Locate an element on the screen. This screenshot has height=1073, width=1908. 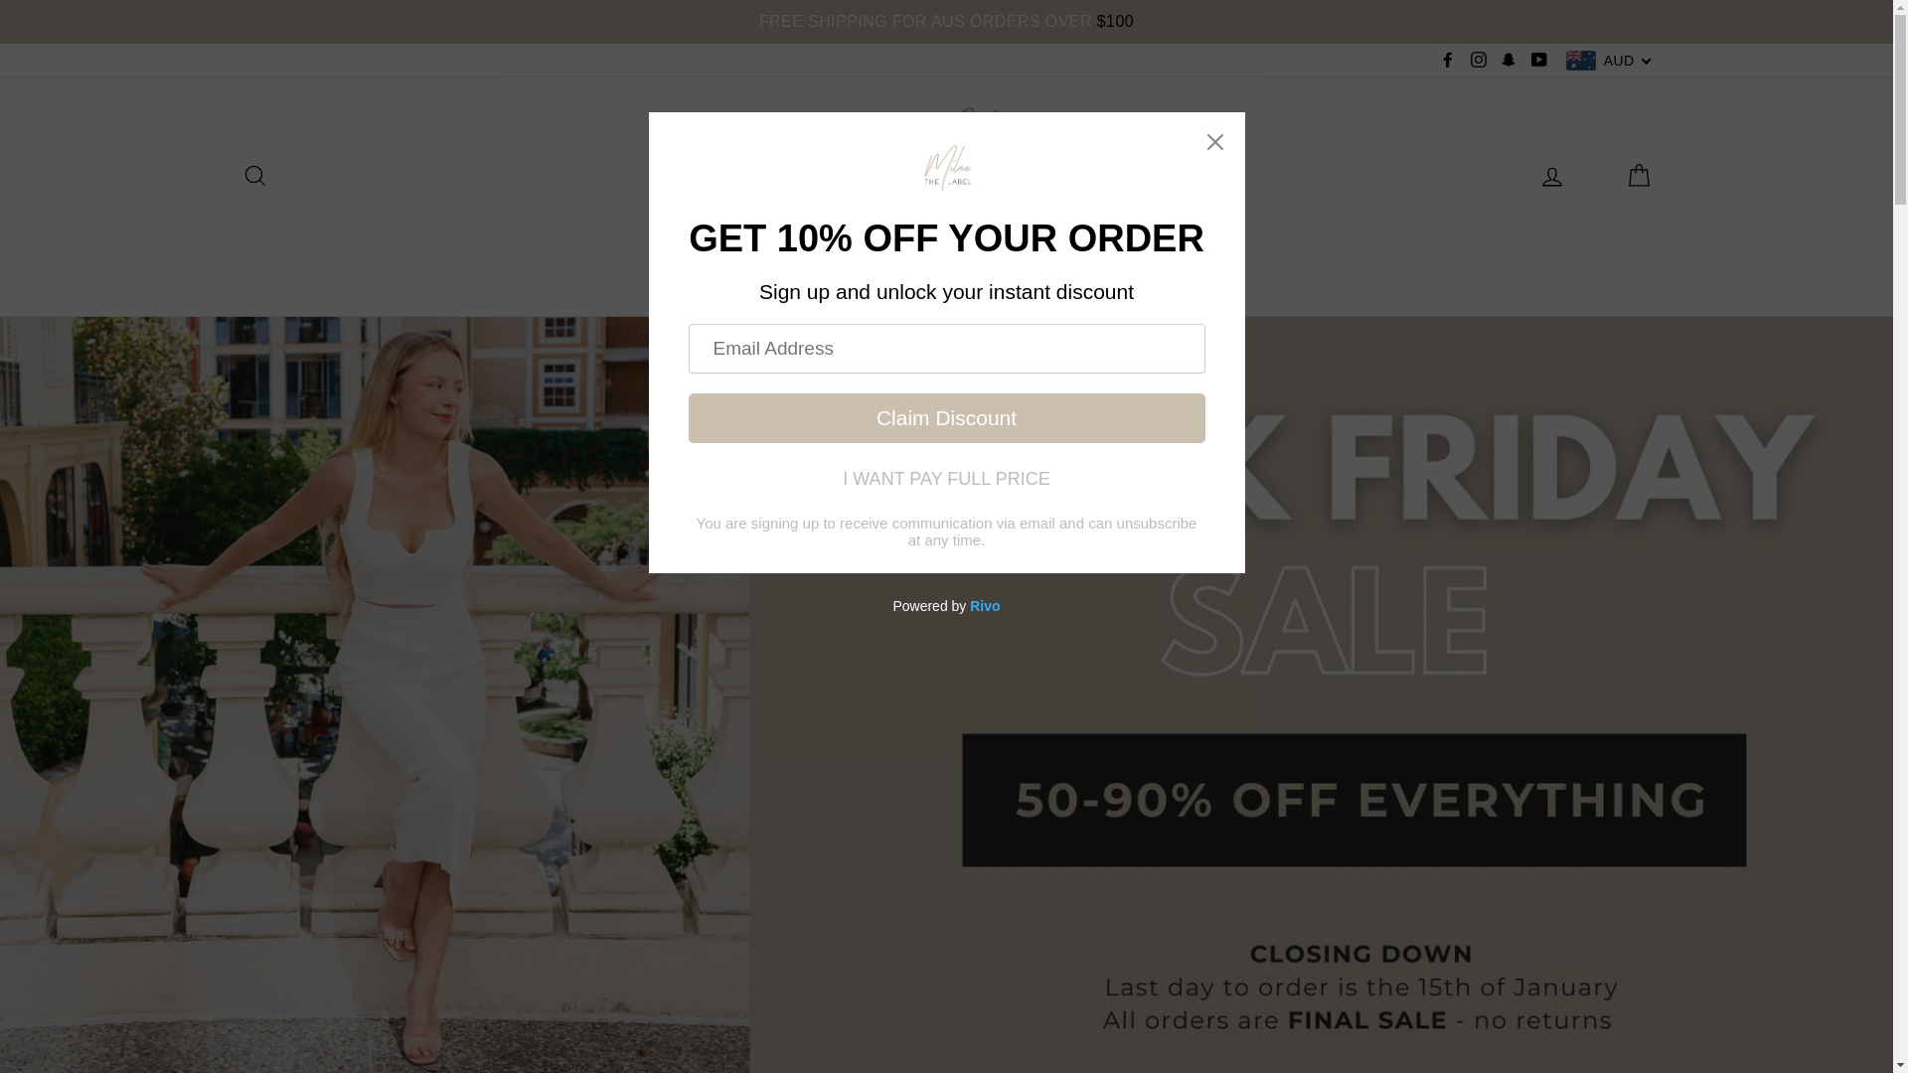
'CUSTOMER SERVICE' is located at coordinates (1115, 274).